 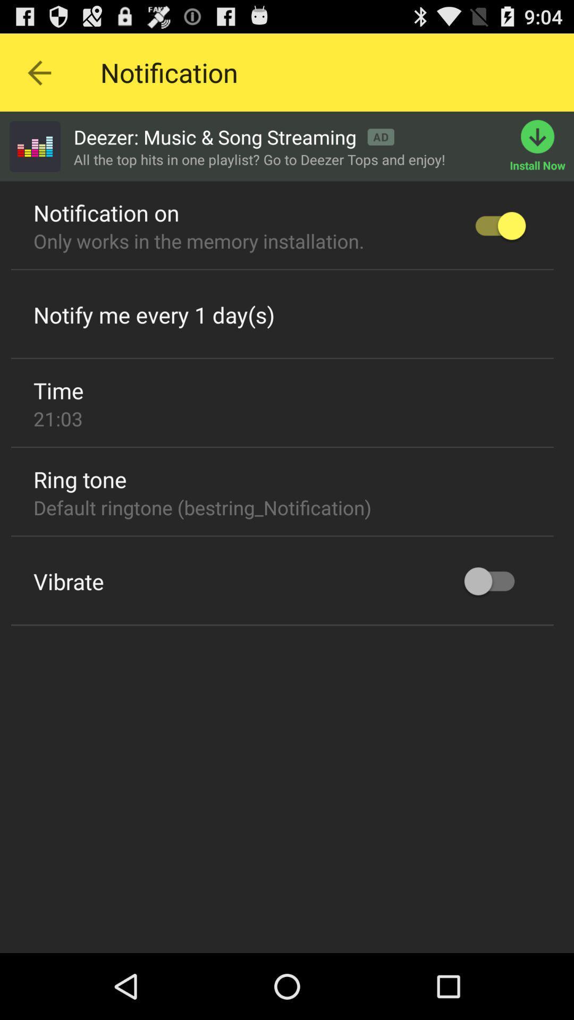 What do you see at coordinates (38, 77) in the screenshot?
I see `the arrow_backward icon` at bounding box center [38, 77].